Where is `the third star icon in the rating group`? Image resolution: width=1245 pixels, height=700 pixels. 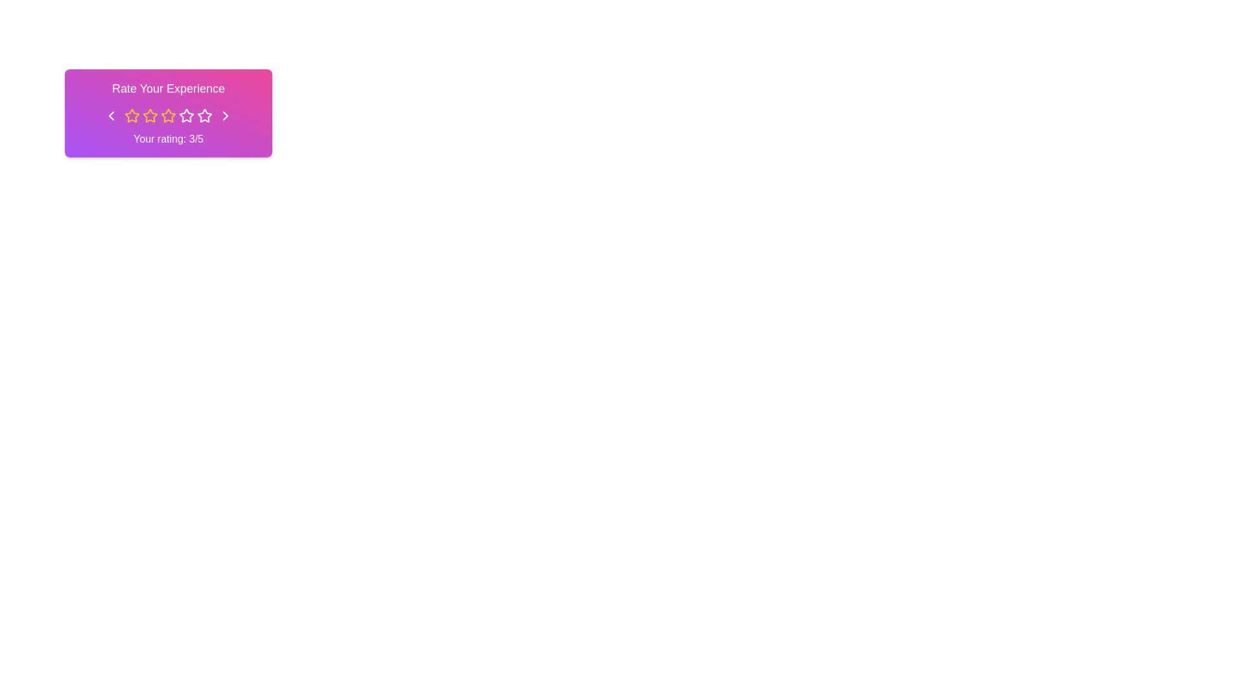
the third star icon in the rating group is located at coordinates (186, 115).